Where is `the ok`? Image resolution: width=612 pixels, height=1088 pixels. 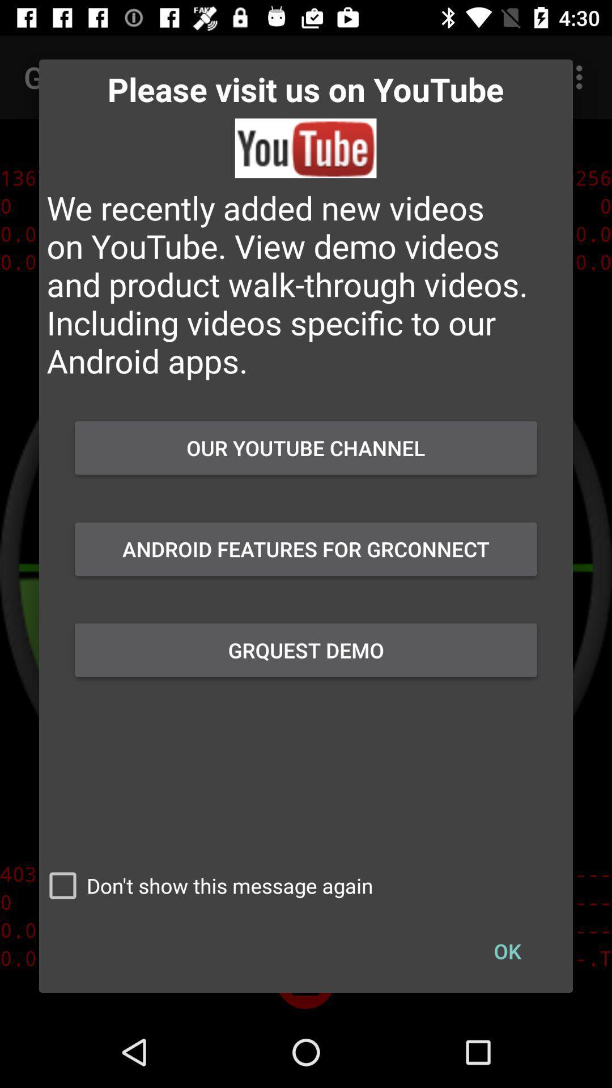
the ok is located at coordinates (507, 951).